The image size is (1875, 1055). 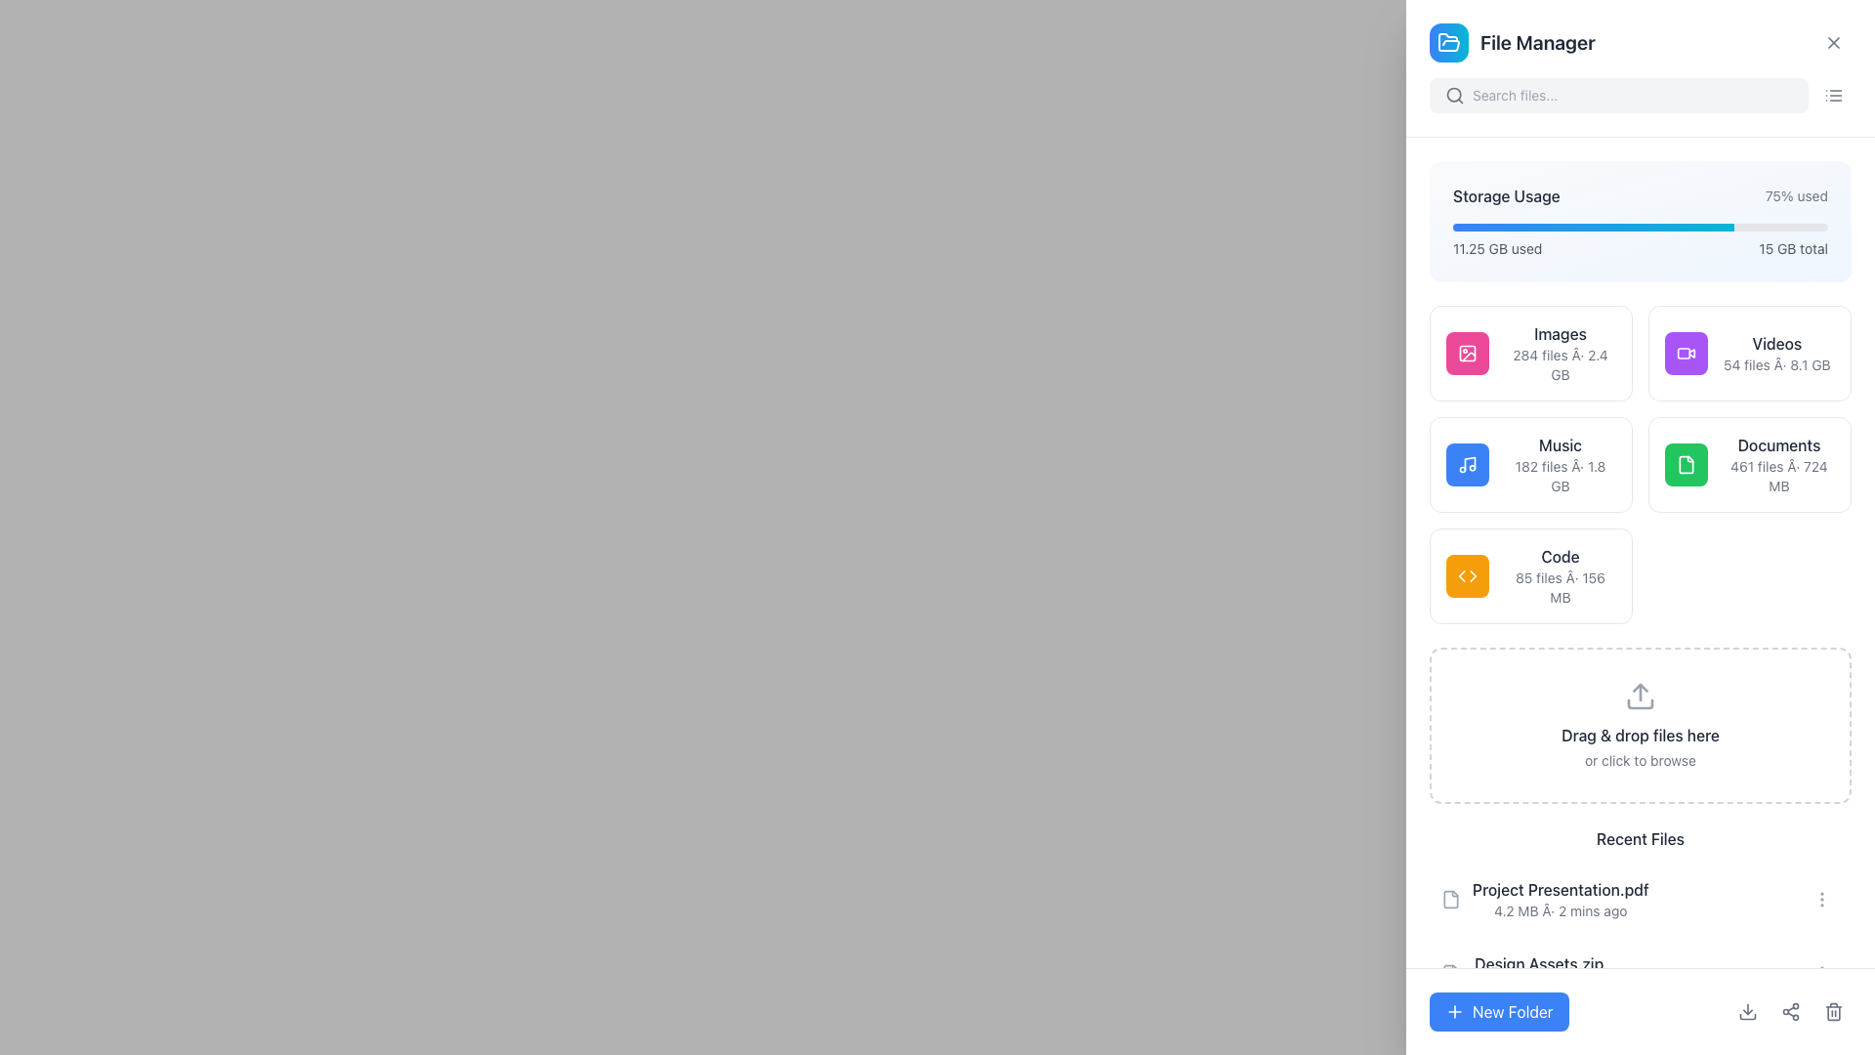 What do you see at coordinates (1821, 900) in the screenshot?
I see `the Icon button (vertical ellipsis) located` at bounding box center [1821, 900].